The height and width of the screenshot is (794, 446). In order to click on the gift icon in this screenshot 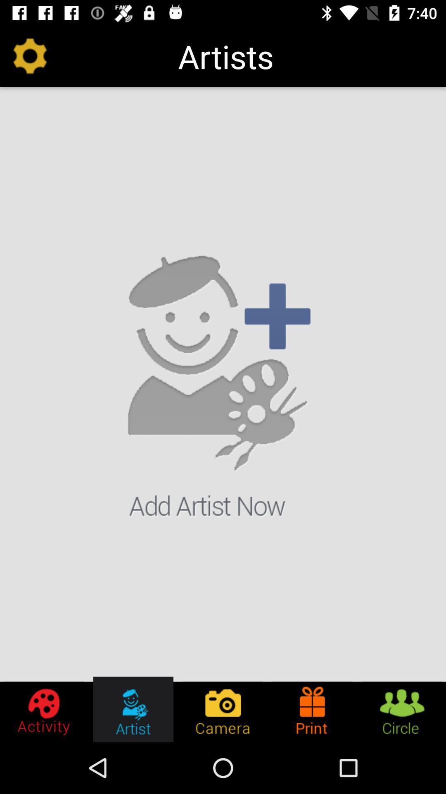, I will do `click(312, 709)`.